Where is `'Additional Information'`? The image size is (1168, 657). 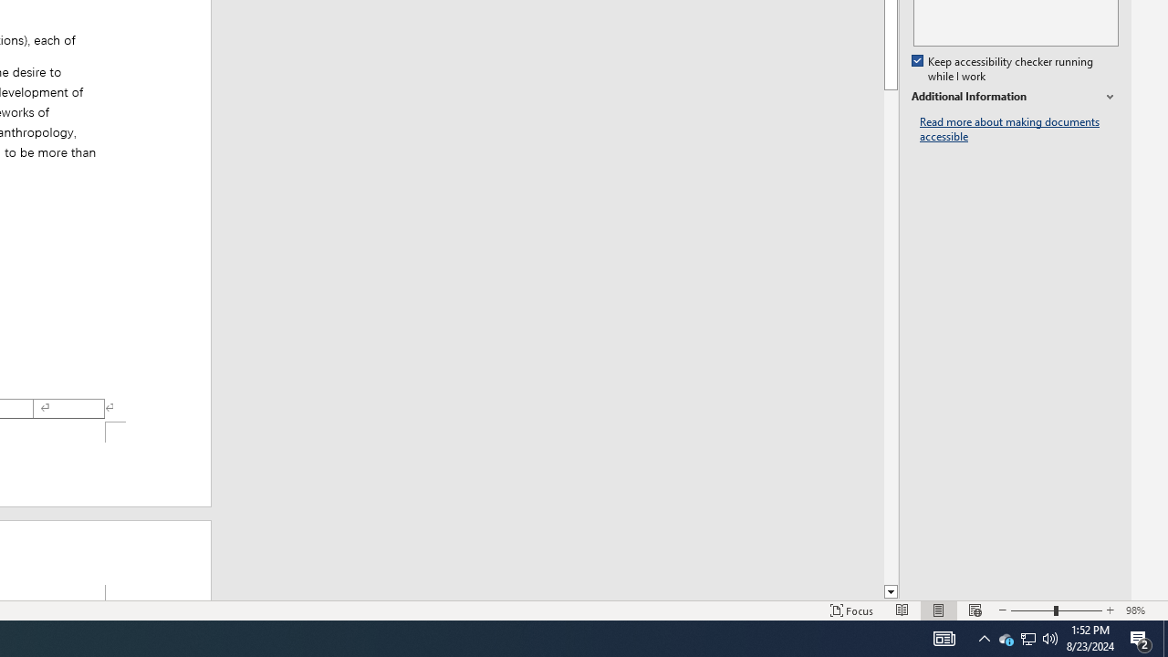
'Additional Information' is located at coordinates (1014, 97).